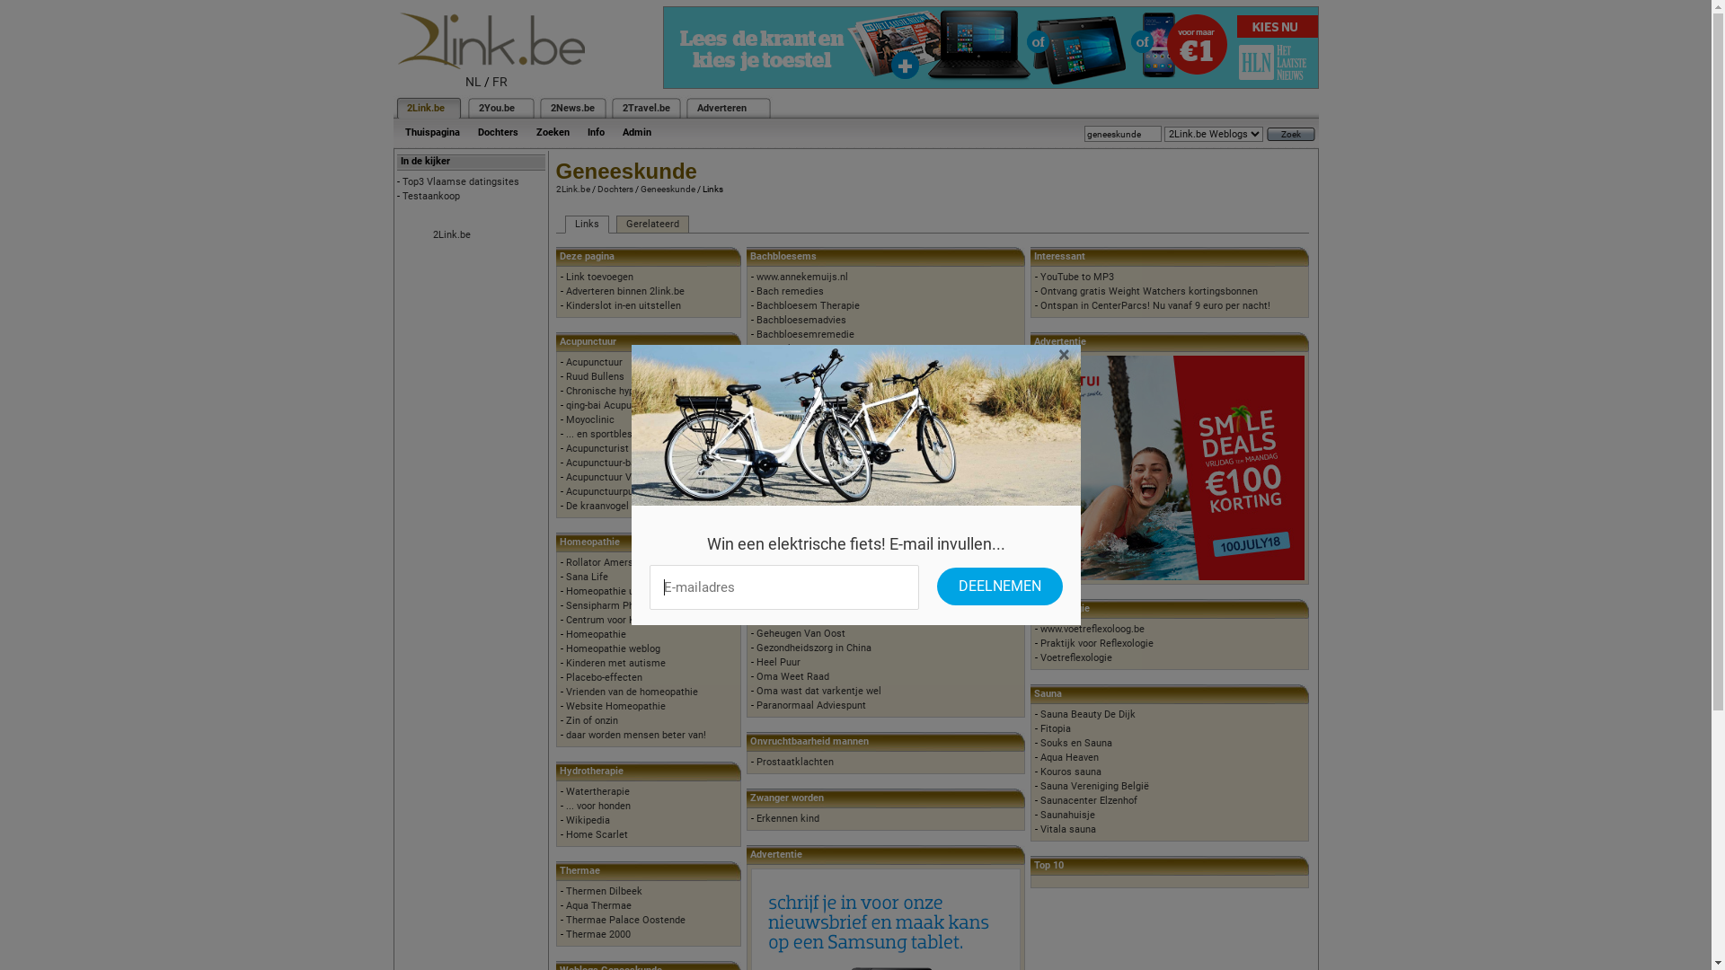 Image resolution: width=1725 pixels, height=970 pixels. What do you see at coordinates (613, 648) in the screenshot?
I see `'Homeopathie weblog'` at bounding box center [613, 648].